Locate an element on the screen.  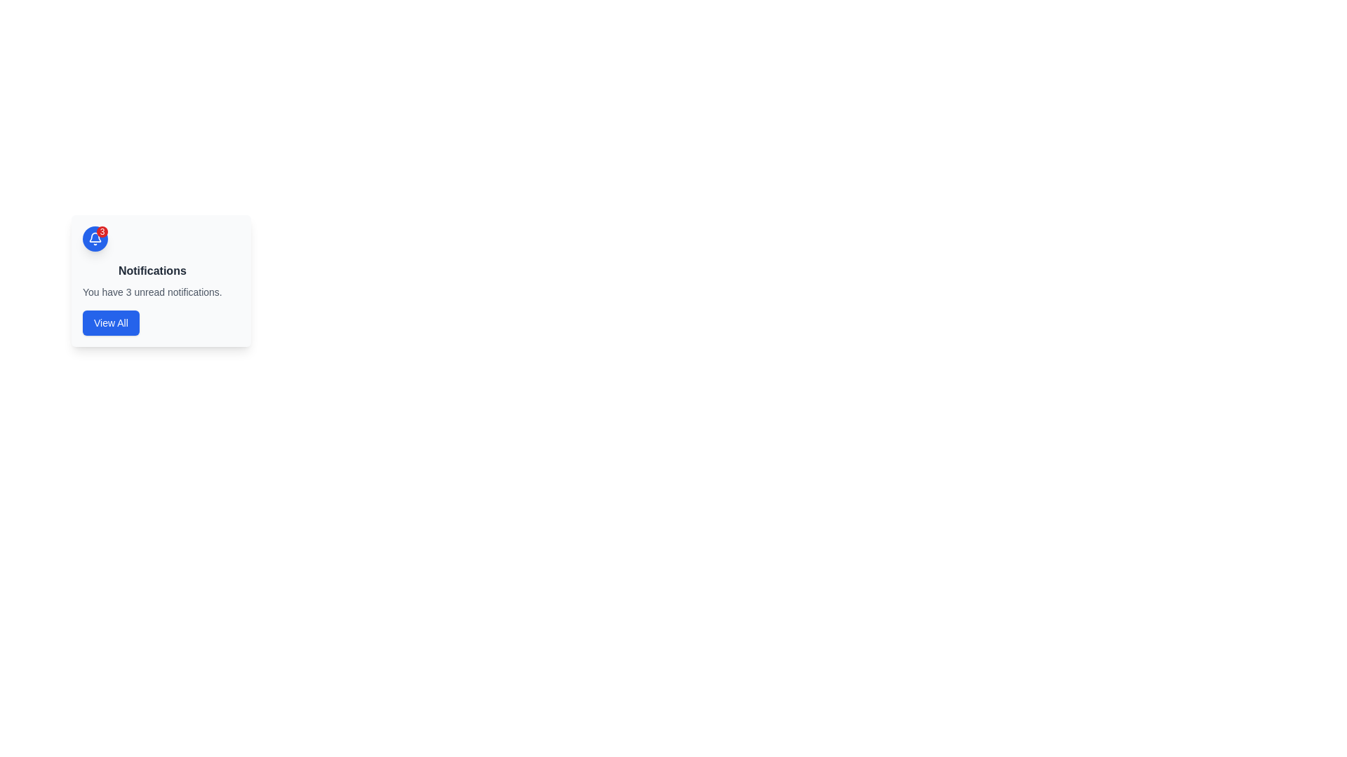
the notification badge located at the top-right part of the blue circular icon with a white bell symbol is located at coordinates (101, 231).